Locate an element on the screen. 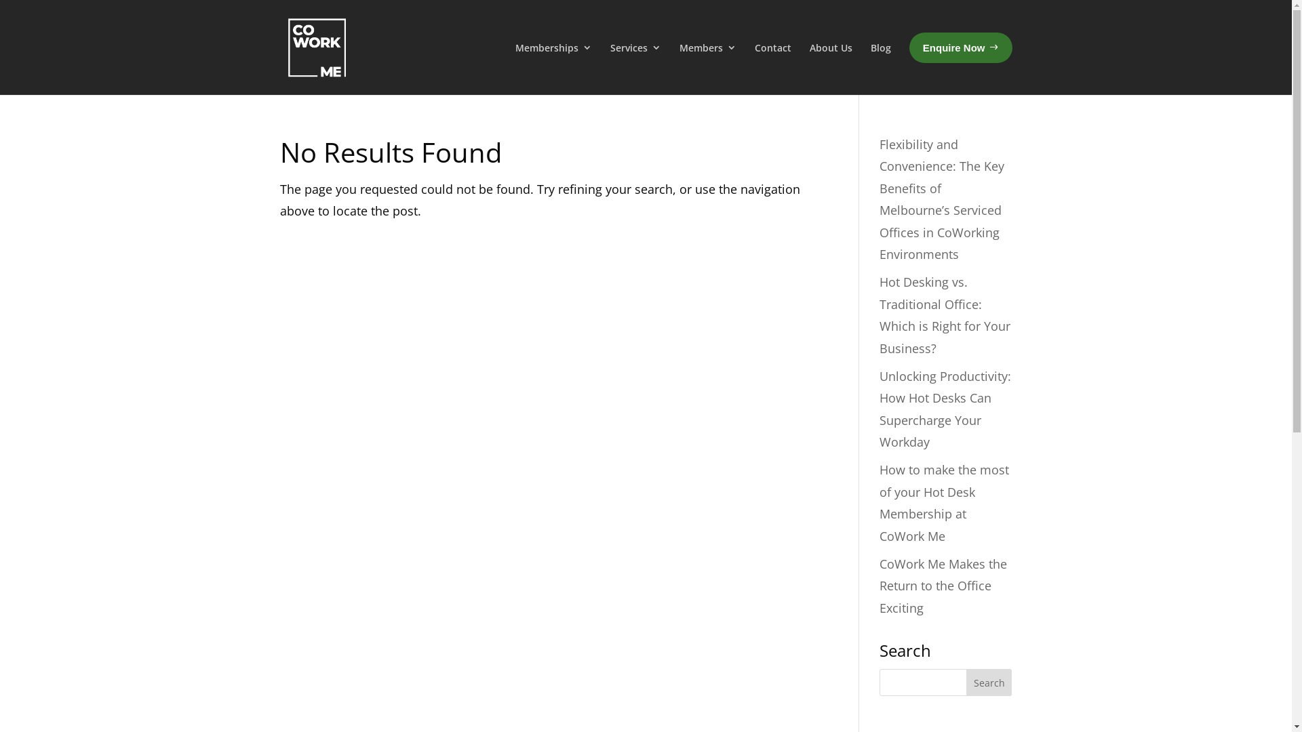  'Services' is located at coordinates (635, 66).